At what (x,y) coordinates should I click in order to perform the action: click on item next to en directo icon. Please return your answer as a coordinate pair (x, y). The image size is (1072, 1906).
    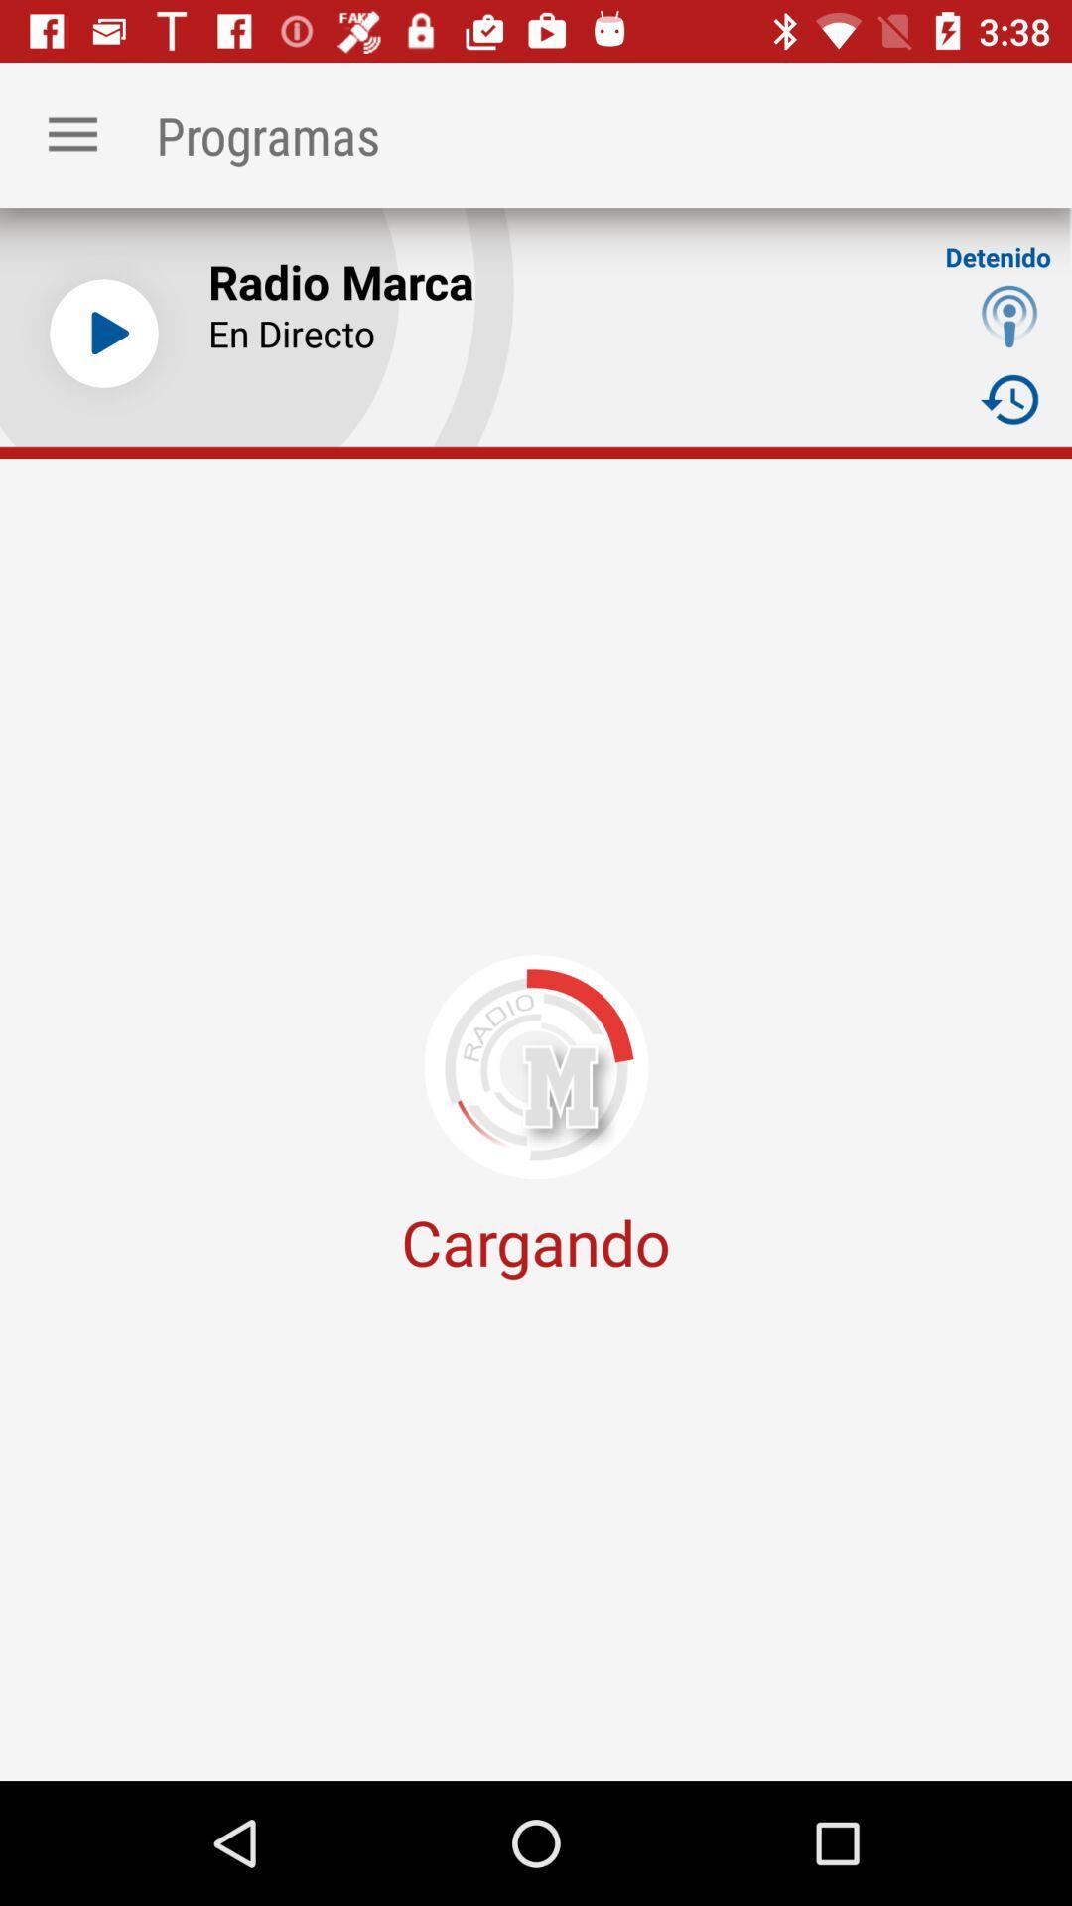
    Looking at the image, I should click on (1009, 398).